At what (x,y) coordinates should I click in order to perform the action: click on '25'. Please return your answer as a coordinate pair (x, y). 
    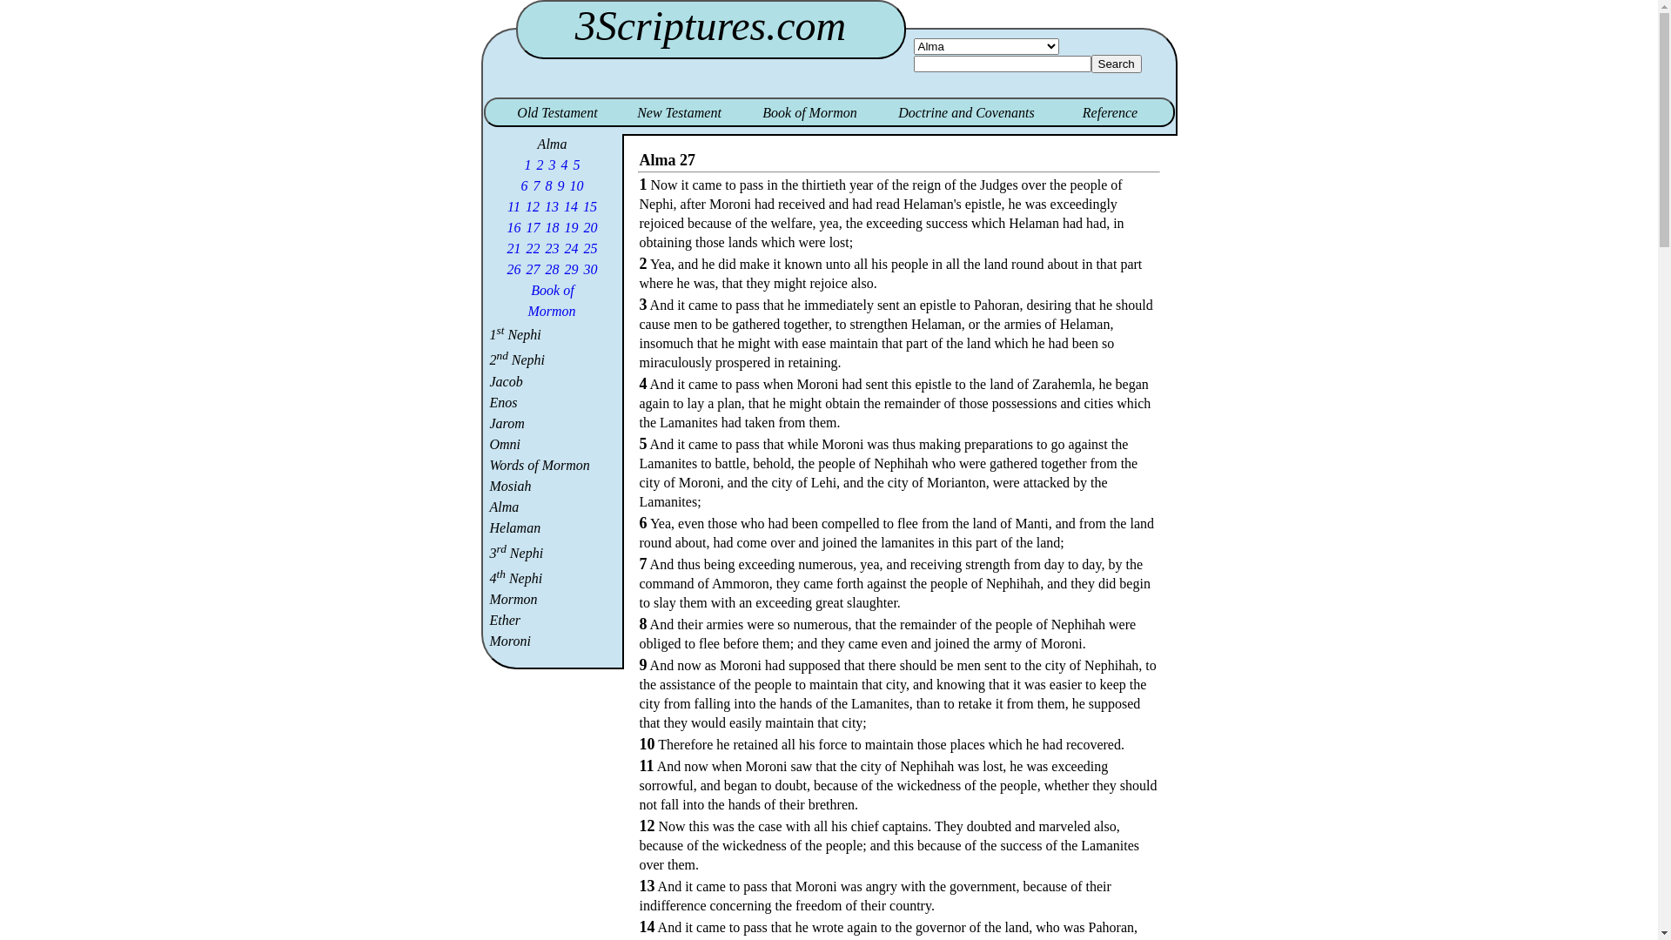
    Looking at the image, I should click on (590, 248).